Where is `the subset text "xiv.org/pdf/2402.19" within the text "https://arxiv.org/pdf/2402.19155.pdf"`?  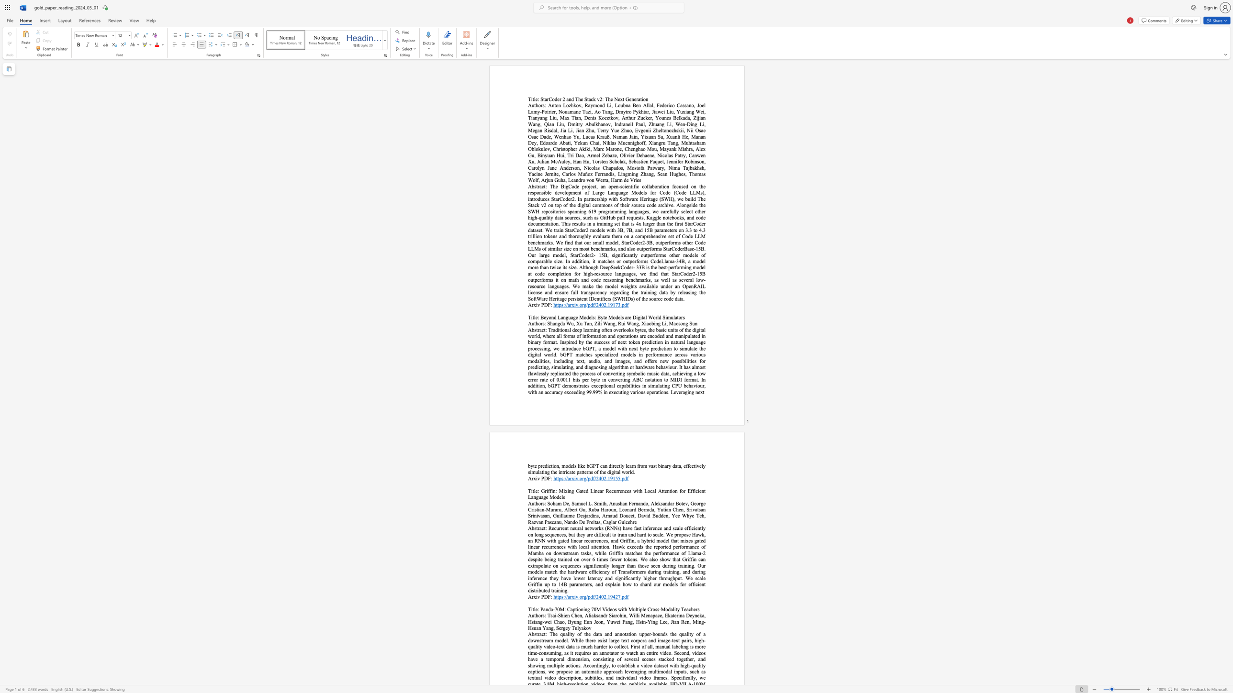 the subset text "xiv.org/pdf/2402.19" within the text "https://arxiv.org/pdf/2402.19155.pdf" is located at coordinates (571, 478).